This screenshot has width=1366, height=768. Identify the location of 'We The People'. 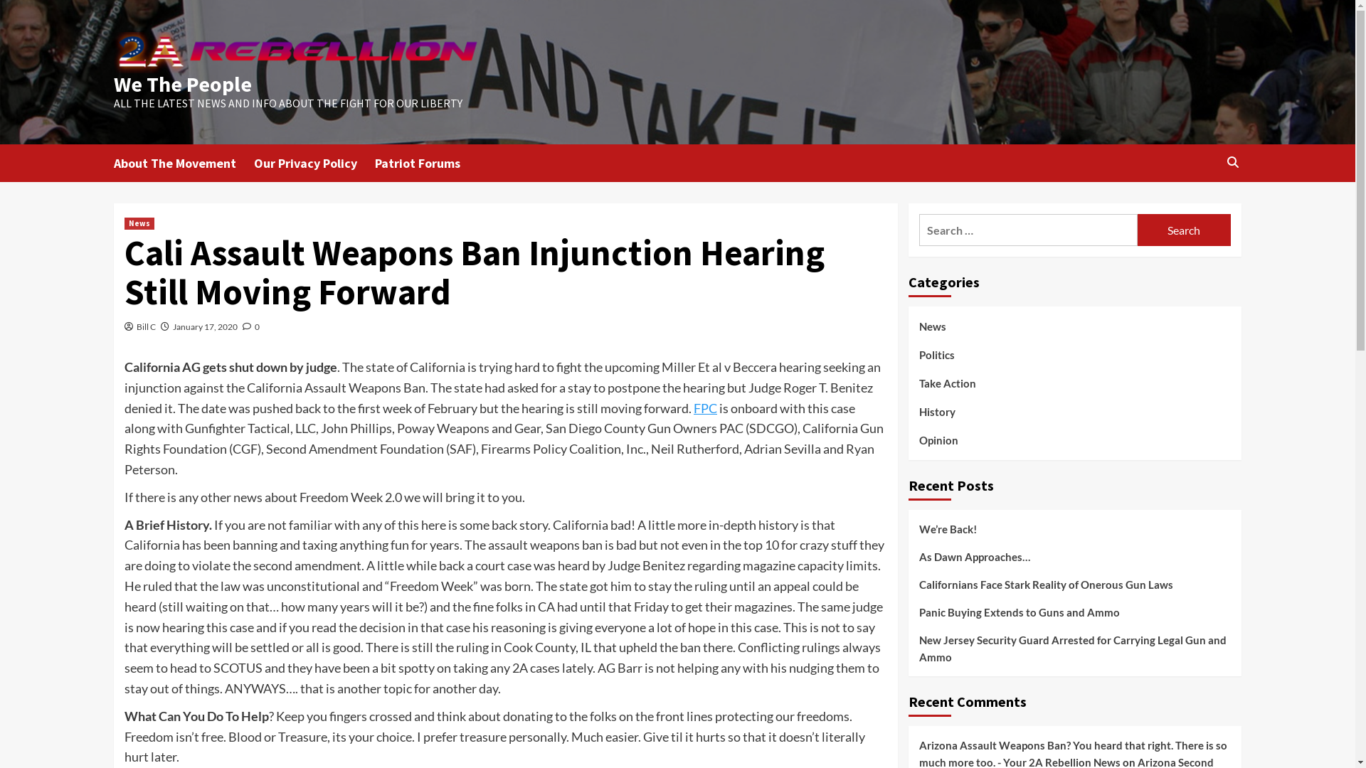
(112, 84).